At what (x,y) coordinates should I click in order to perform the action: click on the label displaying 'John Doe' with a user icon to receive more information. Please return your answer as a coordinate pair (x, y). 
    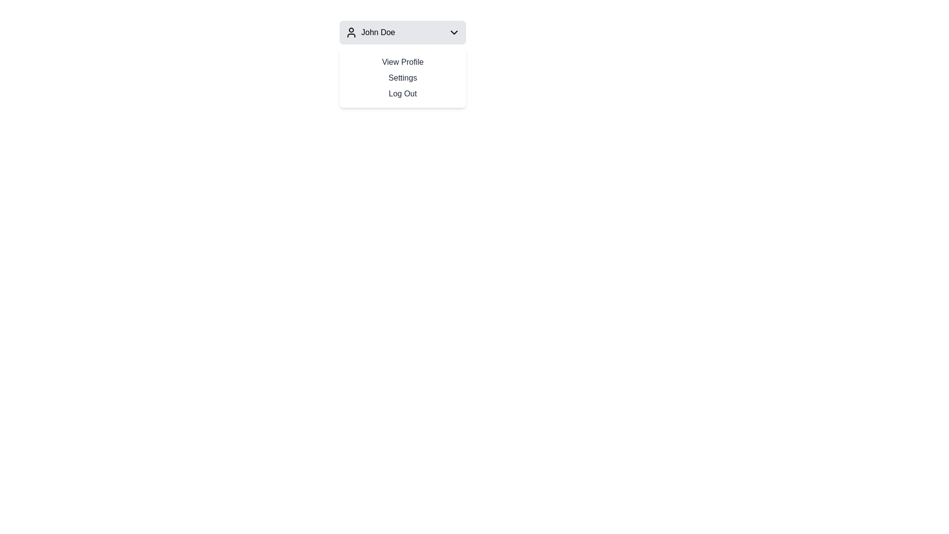
    Looking at the image, I should click on (370, 32).